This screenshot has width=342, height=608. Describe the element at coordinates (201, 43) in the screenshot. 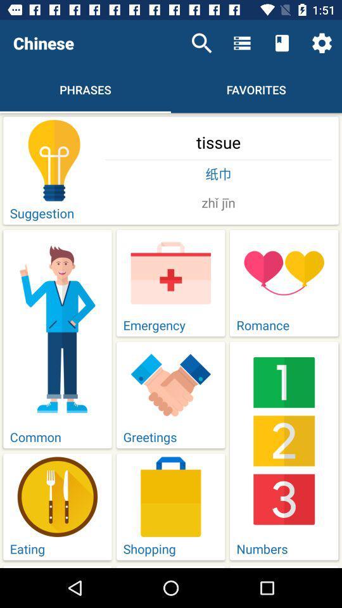

I see `the icon next to chinese item` at that location.